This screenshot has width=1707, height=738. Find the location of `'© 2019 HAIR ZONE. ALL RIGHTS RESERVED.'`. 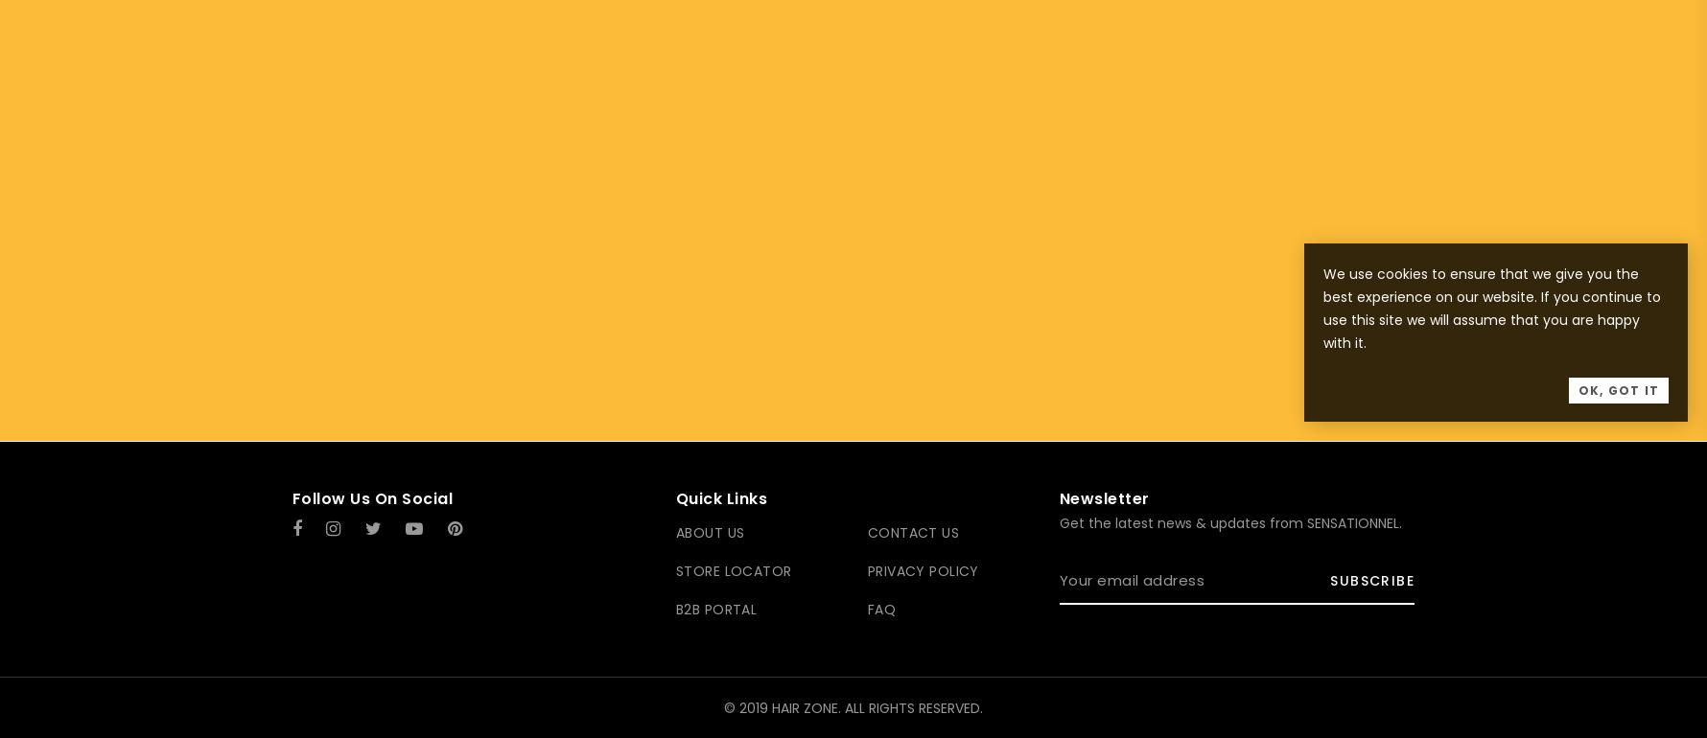

'© 2019 HAIR ZONE. ALL RIGHTS RESERVED.' is located at coordinates (853, 707).